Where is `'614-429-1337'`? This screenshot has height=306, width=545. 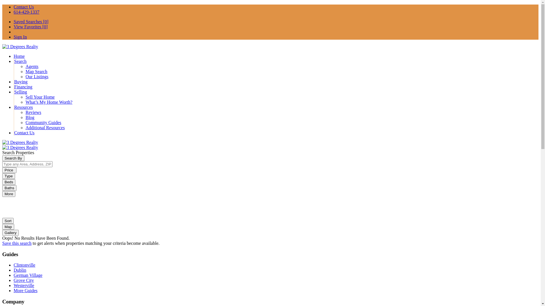 '614-429-1337' is located at coordinates (26, 12).